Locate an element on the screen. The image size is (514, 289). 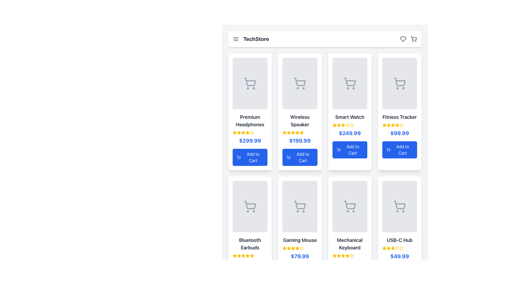
the third star icon in the rating system for the 'Wireless Speaker' is located at coordinates (289, 132).